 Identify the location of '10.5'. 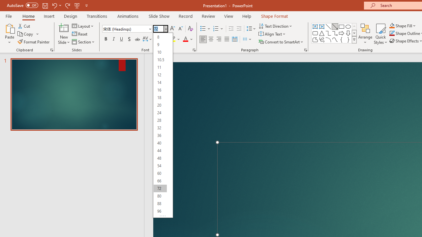
(160, 60).